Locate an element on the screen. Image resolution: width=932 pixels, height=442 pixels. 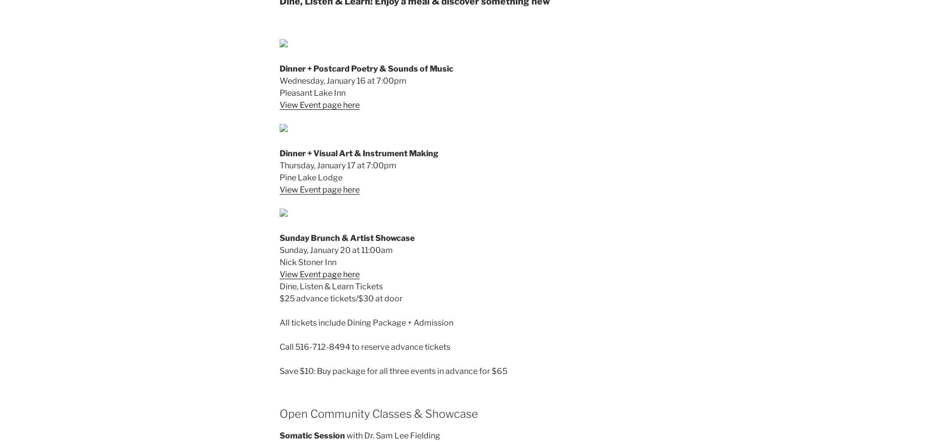
'Art' is located at coordinates (346, 152).